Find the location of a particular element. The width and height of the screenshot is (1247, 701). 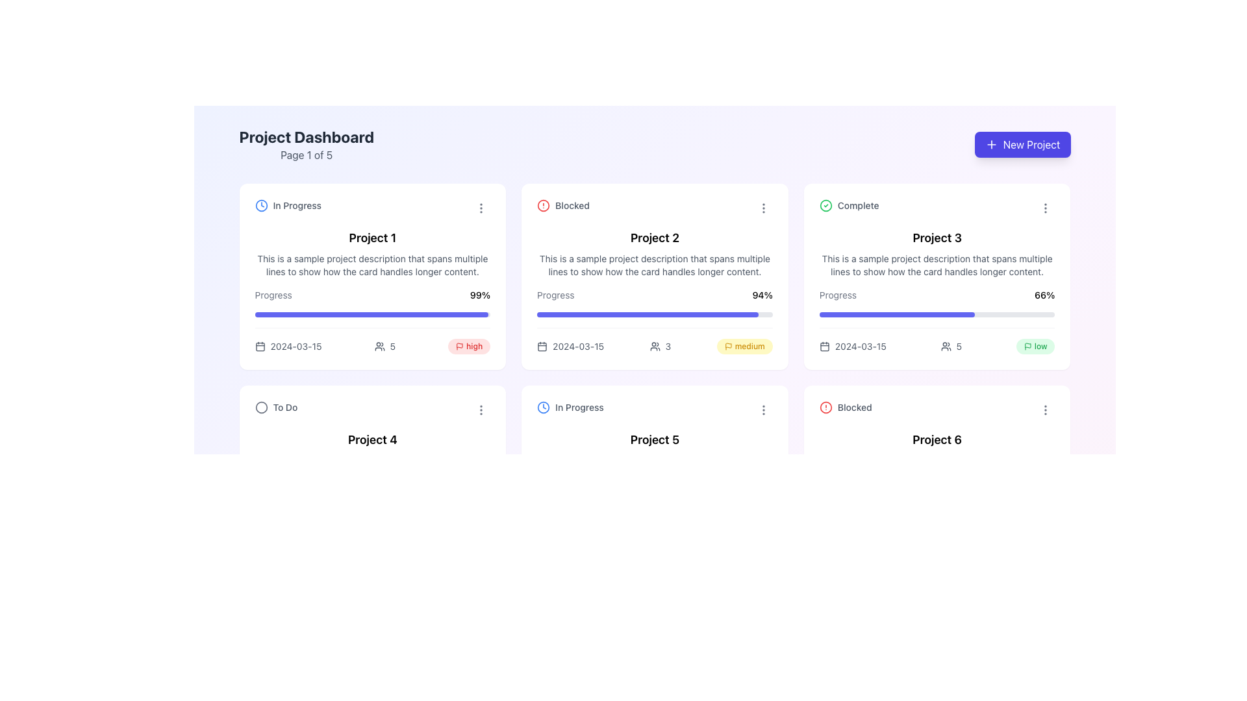

on the Interactive project card titled 'Project 1' located in the upper-left corner of the project cards grid is located at coordinates (372, 276).